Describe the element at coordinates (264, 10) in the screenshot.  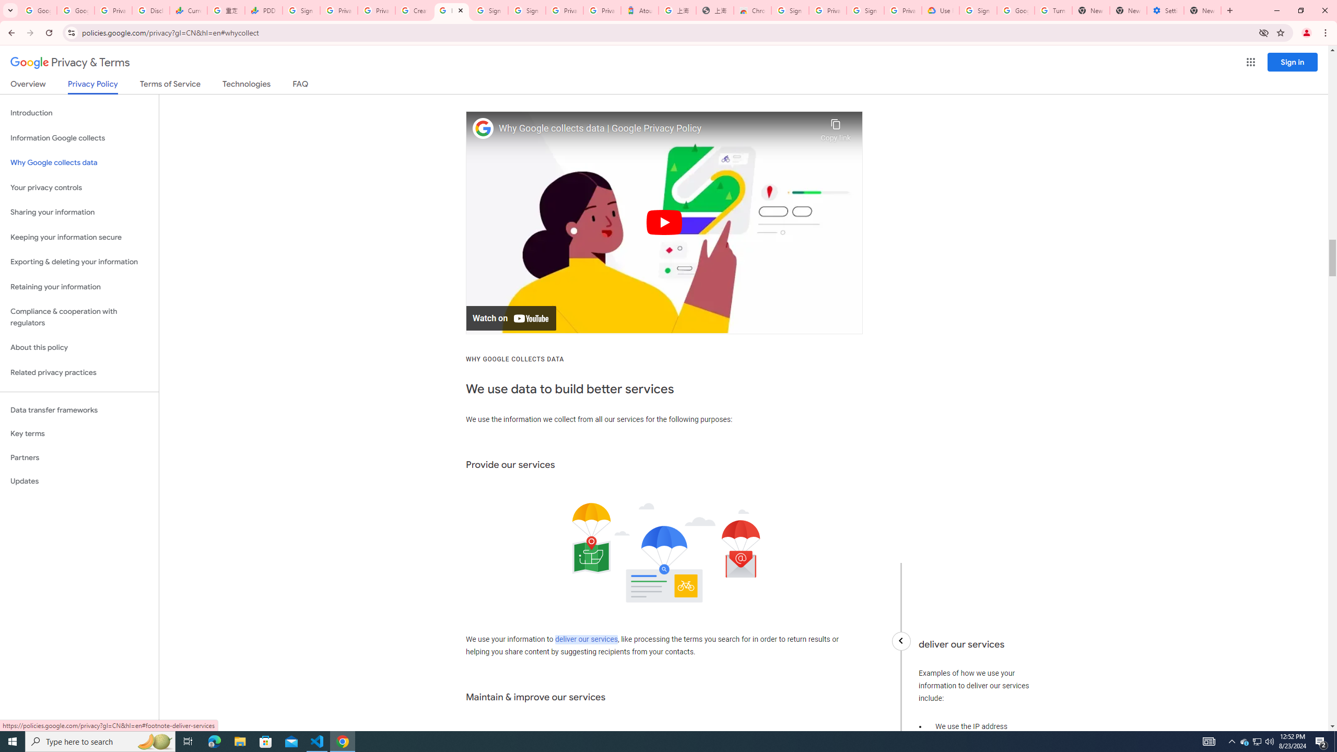
I see `'PDD Holdings Inc - ADR (PDD) Price & News - Google Finance'` at that location.